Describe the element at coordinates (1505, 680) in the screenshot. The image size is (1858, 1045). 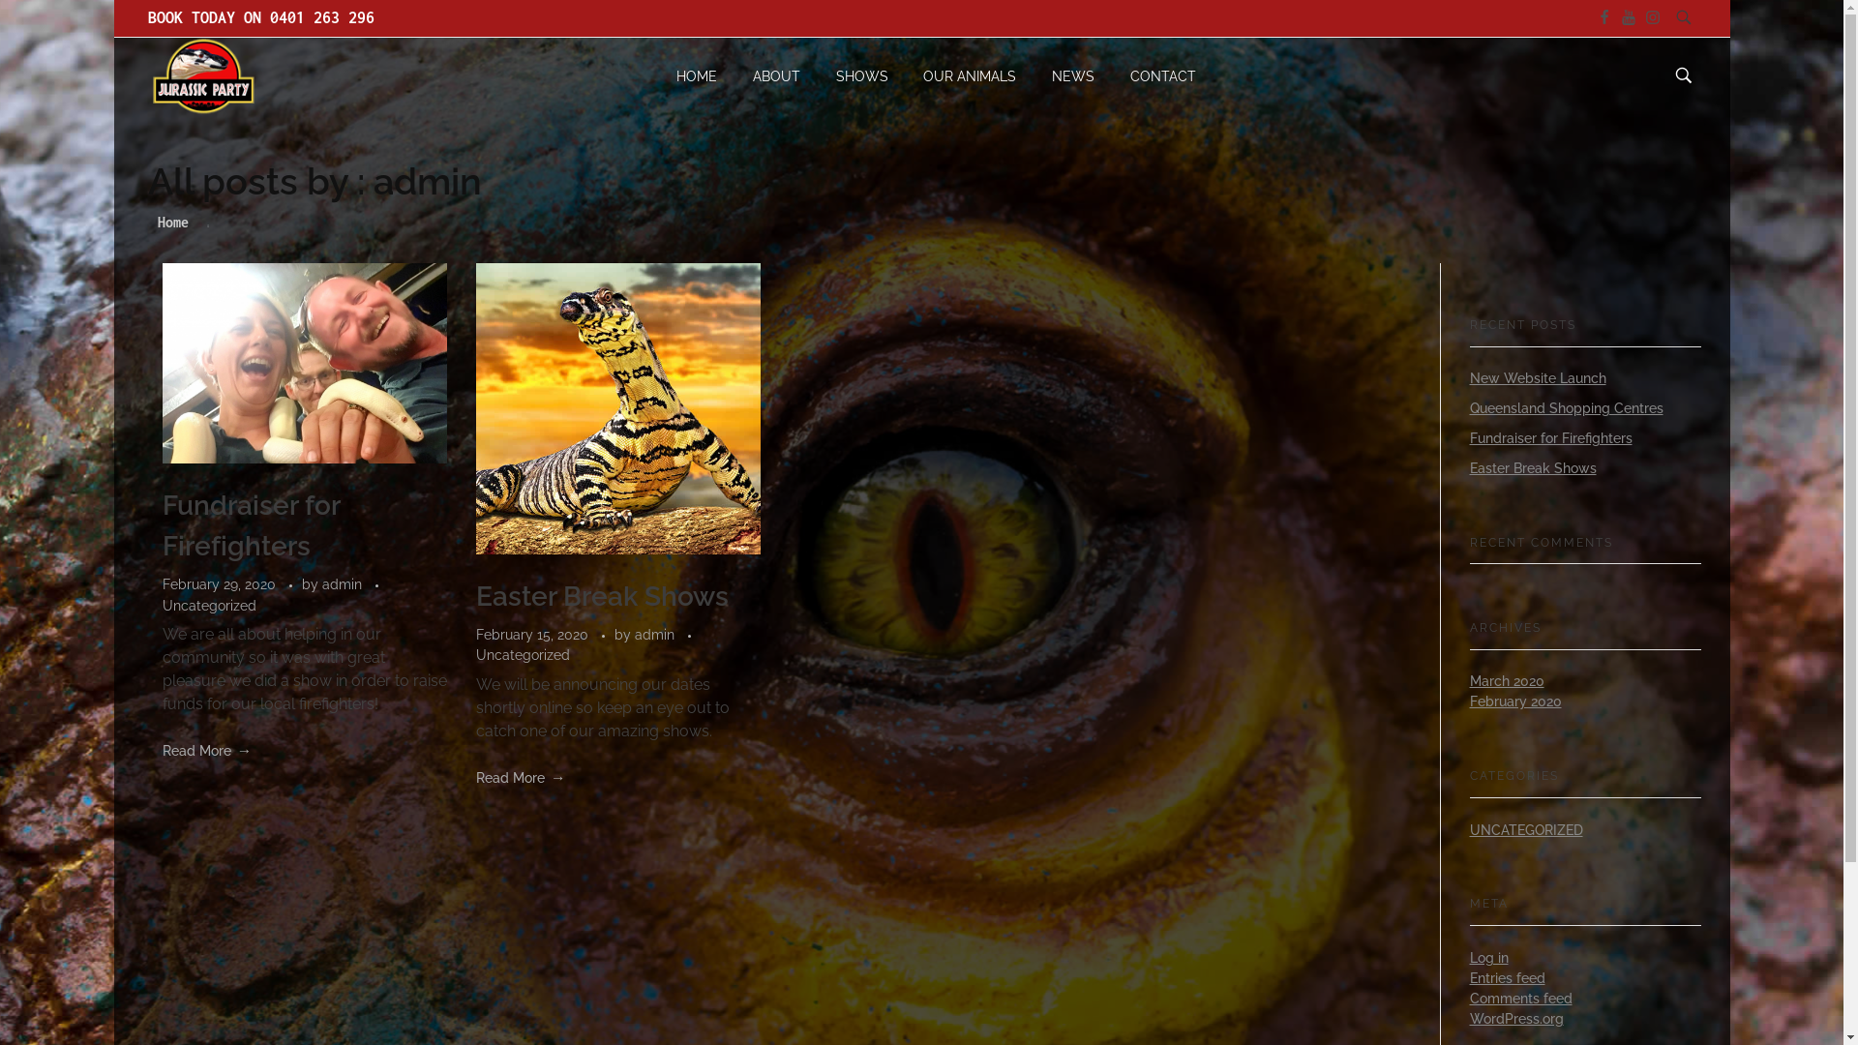
I see `'March 2020'` at that location.